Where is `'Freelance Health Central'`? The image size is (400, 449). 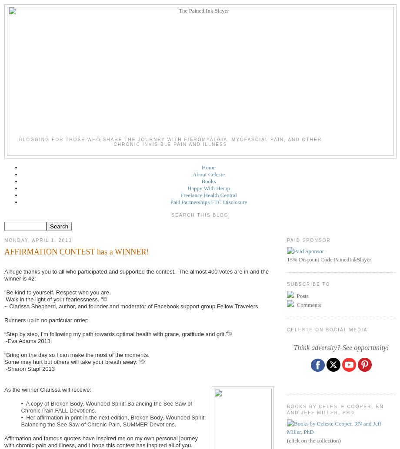 'Freelance Health Central' is located at coordinates (208, 195).